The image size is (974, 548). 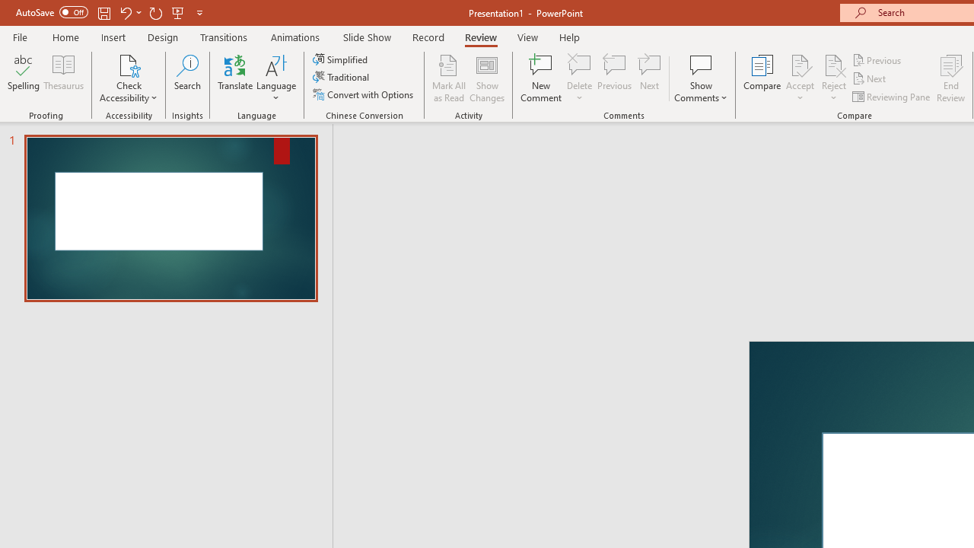 What do you see at coordinates (52, 12) in the screenshot?
I see `'AutoSave'` at bounding box center [52, 12].